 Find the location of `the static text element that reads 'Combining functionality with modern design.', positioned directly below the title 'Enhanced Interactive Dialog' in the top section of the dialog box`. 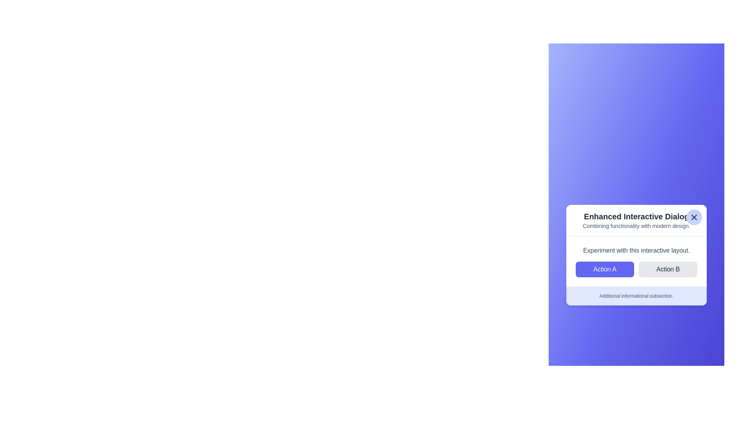

the static text element that reads 'Combining functionality with modern design.', positioned directly below the title 'Enhanced Interactive Dialog' in the top section of the dialog box is located at coordinates (636, 226).